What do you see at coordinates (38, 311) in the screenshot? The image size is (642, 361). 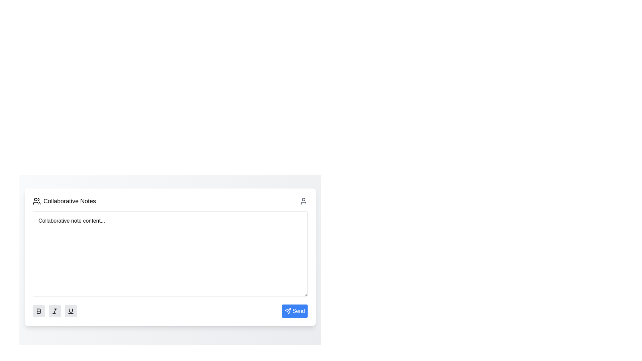 I see `the bold-style icon represented by a stylized 'B' within a rounded square shape located in the 'Collaborative Notes' section` at bounding box center [38, 311].